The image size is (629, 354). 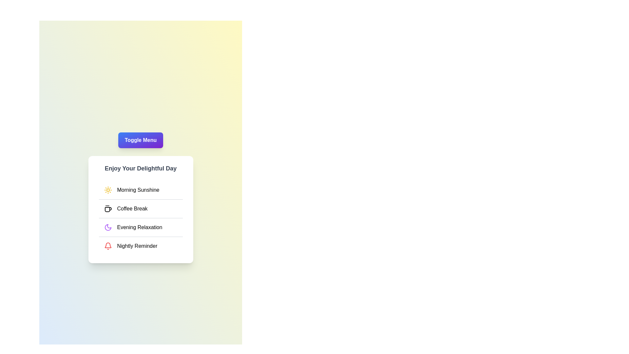 What do you see at coordinates (140, 227) in the screenshot?
I see `the menu item Evening Relaxation` at bounding box center [140, 227].